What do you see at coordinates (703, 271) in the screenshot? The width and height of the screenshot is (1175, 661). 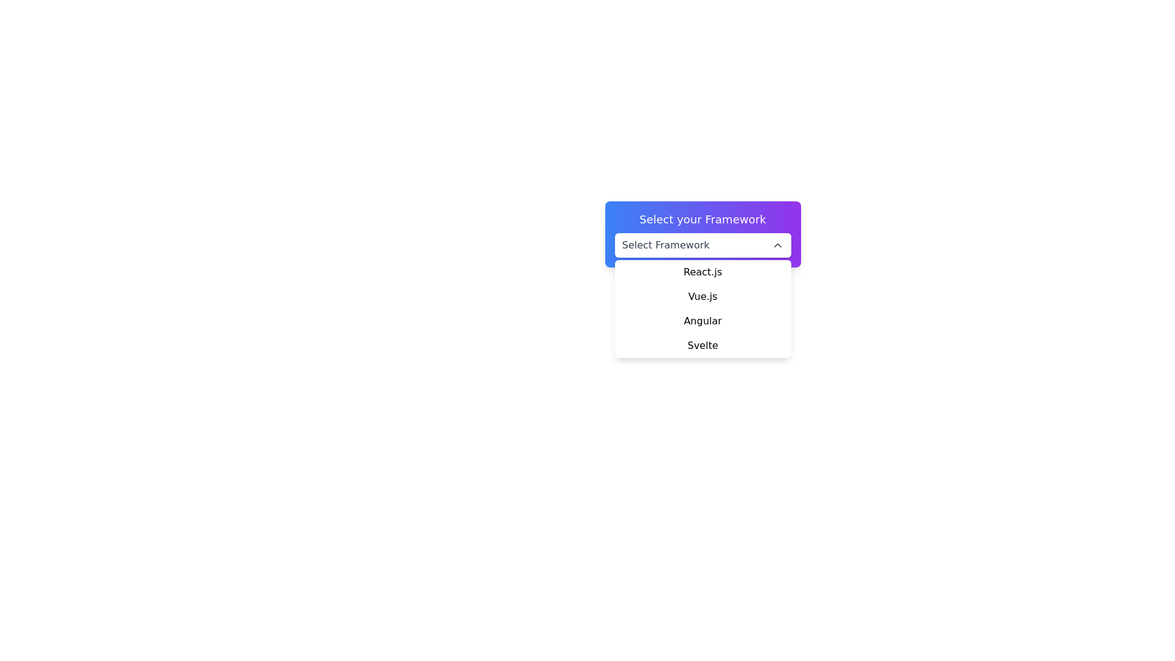 I see `the first option in the dropdown menu that contains the text 'React.js'` at bounding box center [703, 271].